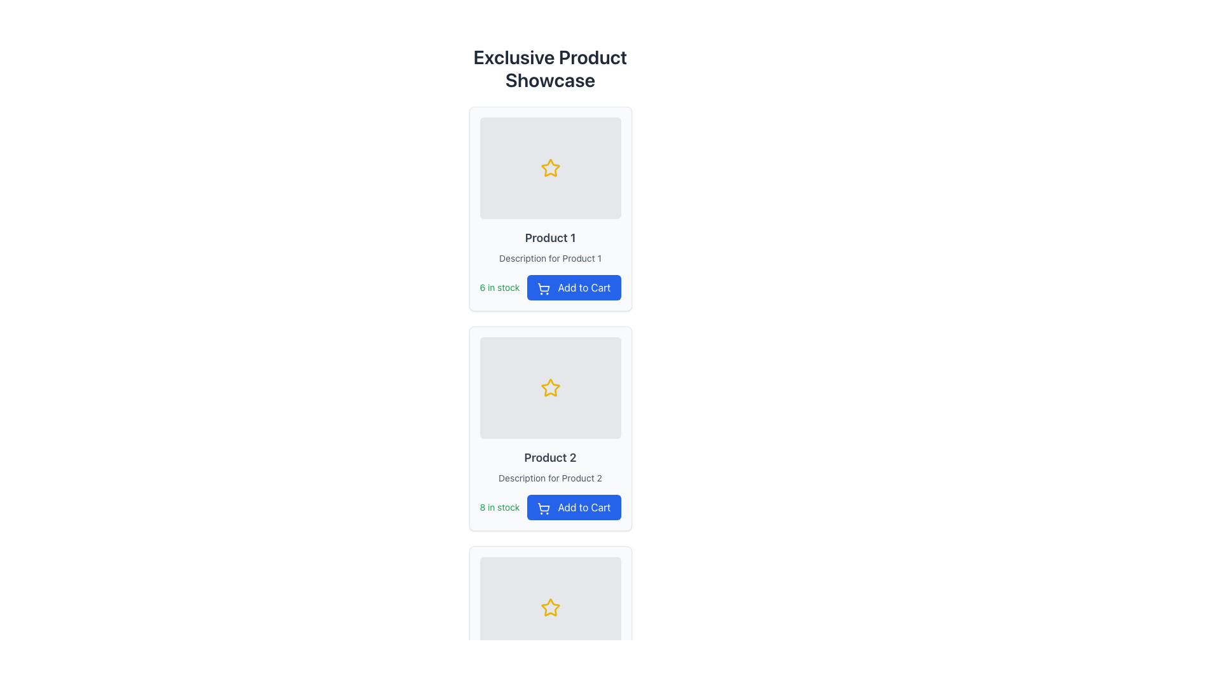  Describe the element at coordinates (544, 508) in the screenshot. I see `the shopping cart icon to potentially see a tooltip, which is part of the 'Add to Cart' button for 'Product 2'` at that location.